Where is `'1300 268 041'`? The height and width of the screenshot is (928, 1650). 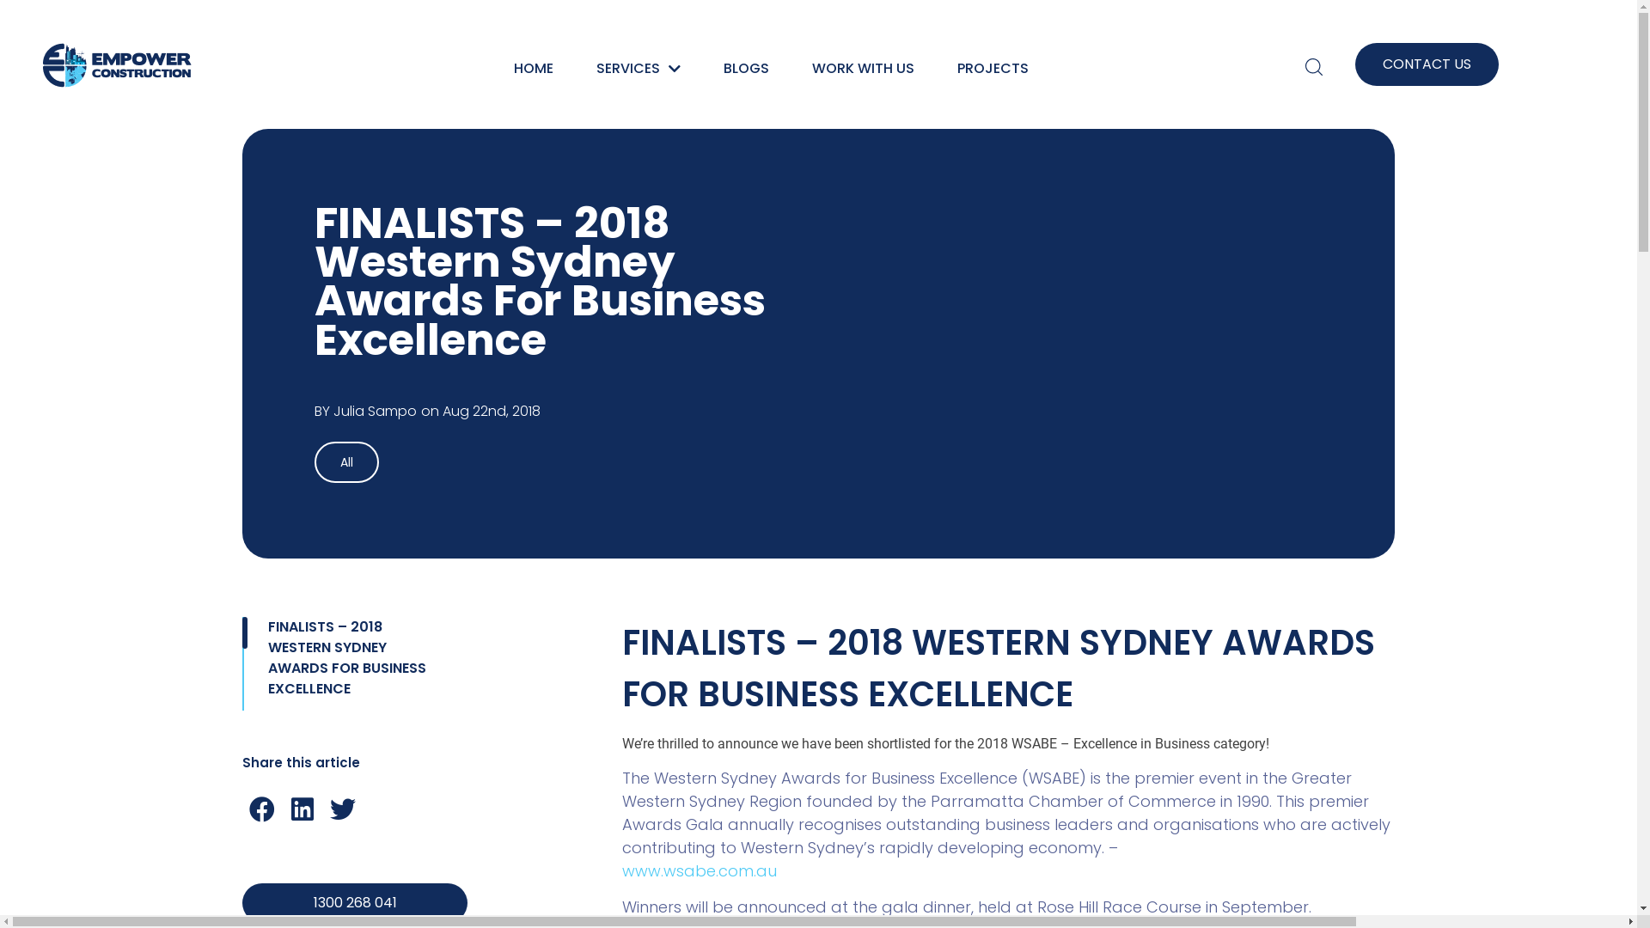
'1300 268 041' is located at coordinates (241, 901).